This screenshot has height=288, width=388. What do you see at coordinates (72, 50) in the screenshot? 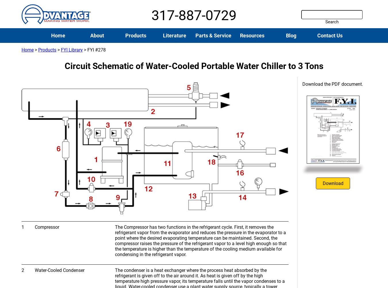
I see `'FYI Library'` at bounding box center [72, 50].